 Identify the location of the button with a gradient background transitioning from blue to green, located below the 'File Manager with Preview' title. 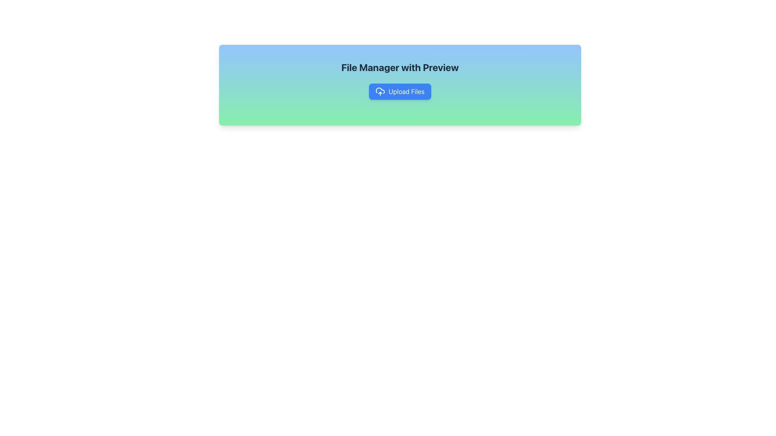
(400, 91).